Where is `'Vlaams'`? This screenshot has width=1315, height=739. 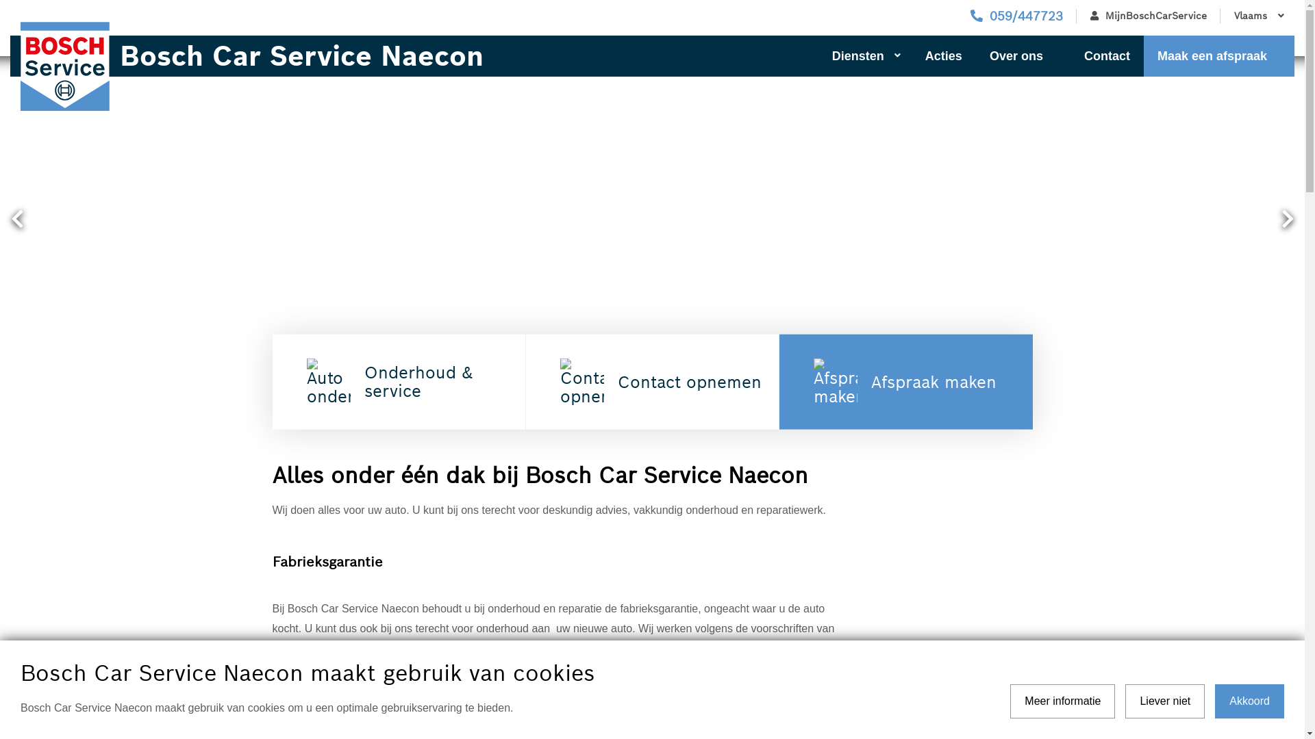 'Vlaams' is located at coordinates (1220, 16).